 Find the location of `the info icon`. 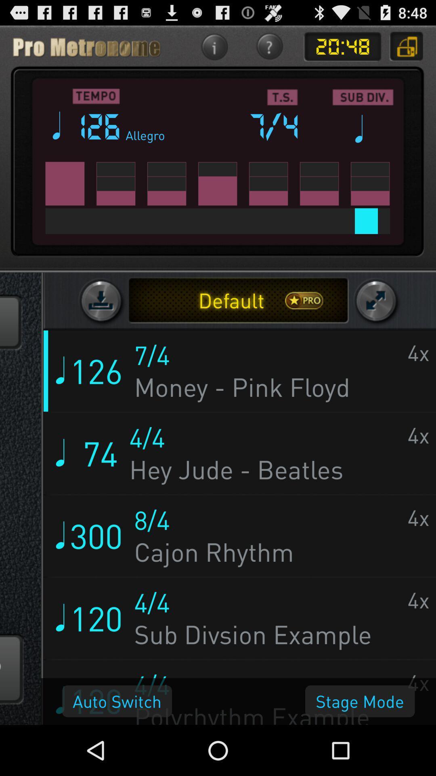

the info icon is located at coordinates (214, 50).